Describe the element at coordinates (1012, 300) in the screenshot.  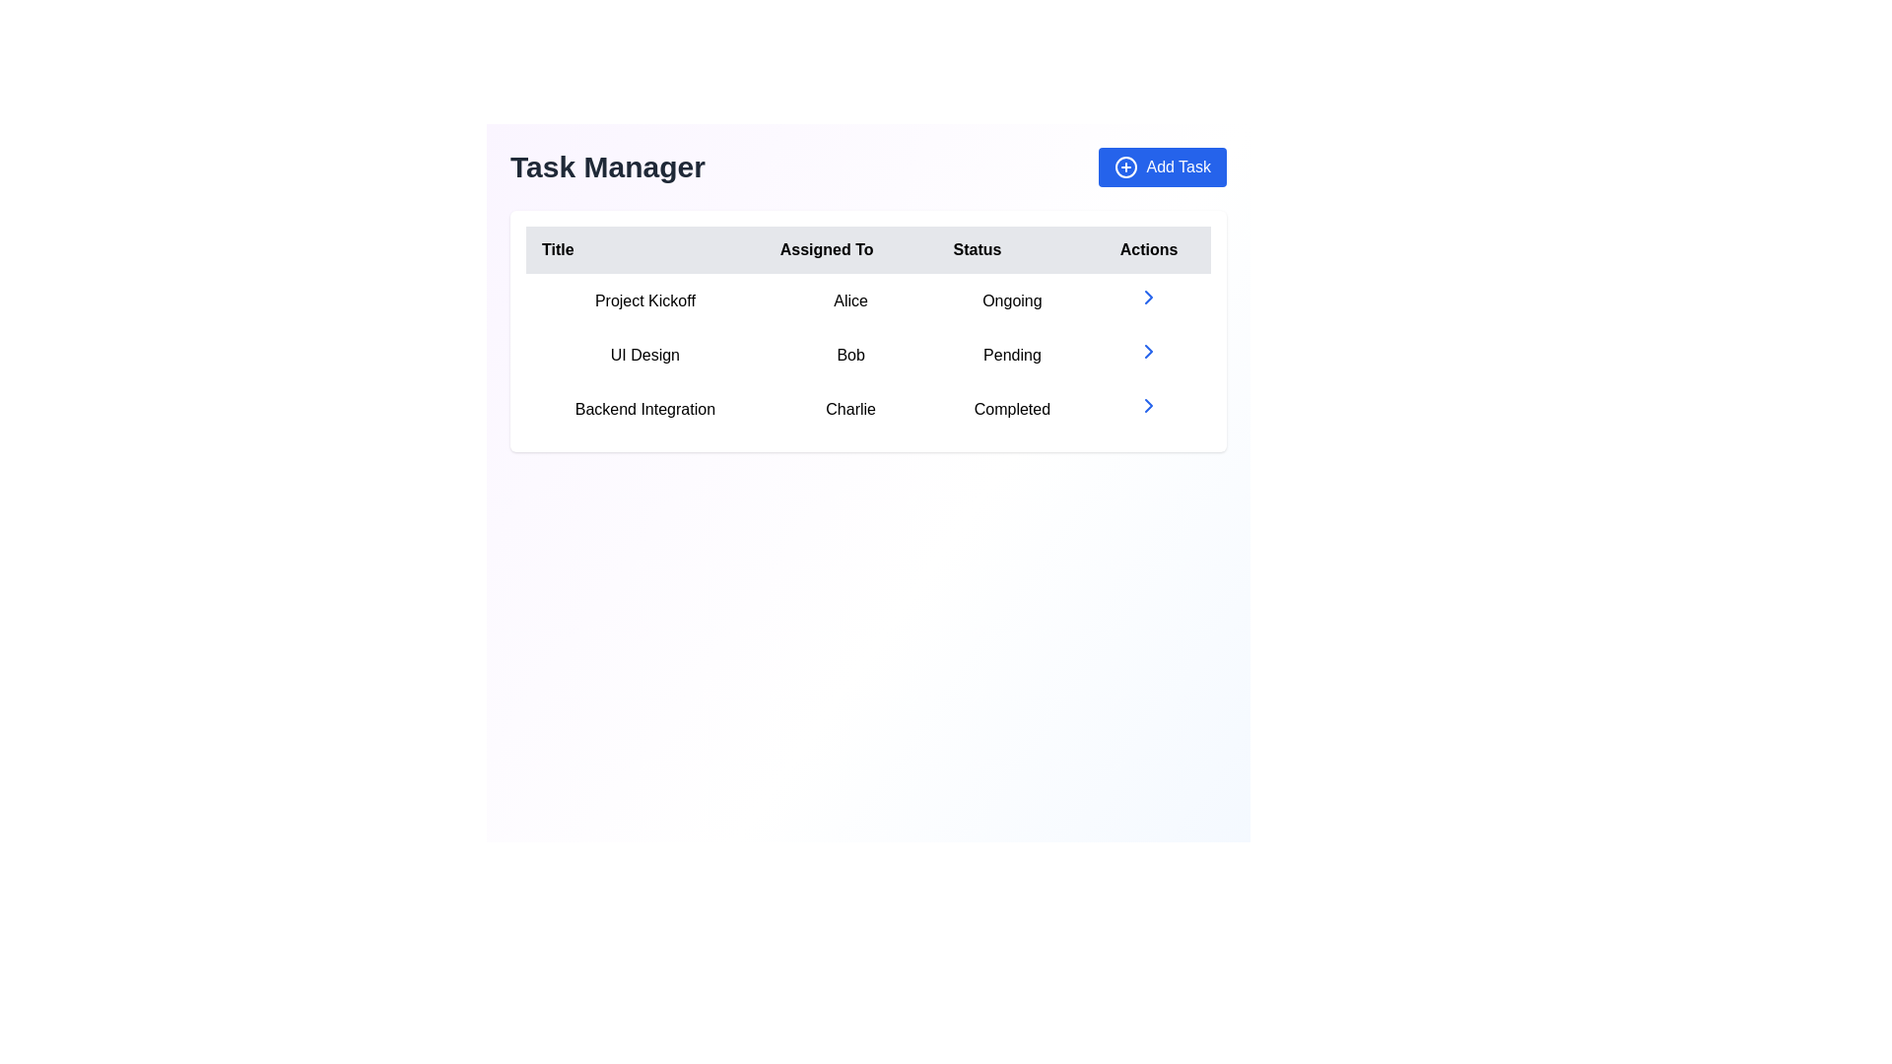
I see `the text label indicating the current status of the 'Project Kickoff' task assigned to Alice, which shows 'Ongoing'` at that location.